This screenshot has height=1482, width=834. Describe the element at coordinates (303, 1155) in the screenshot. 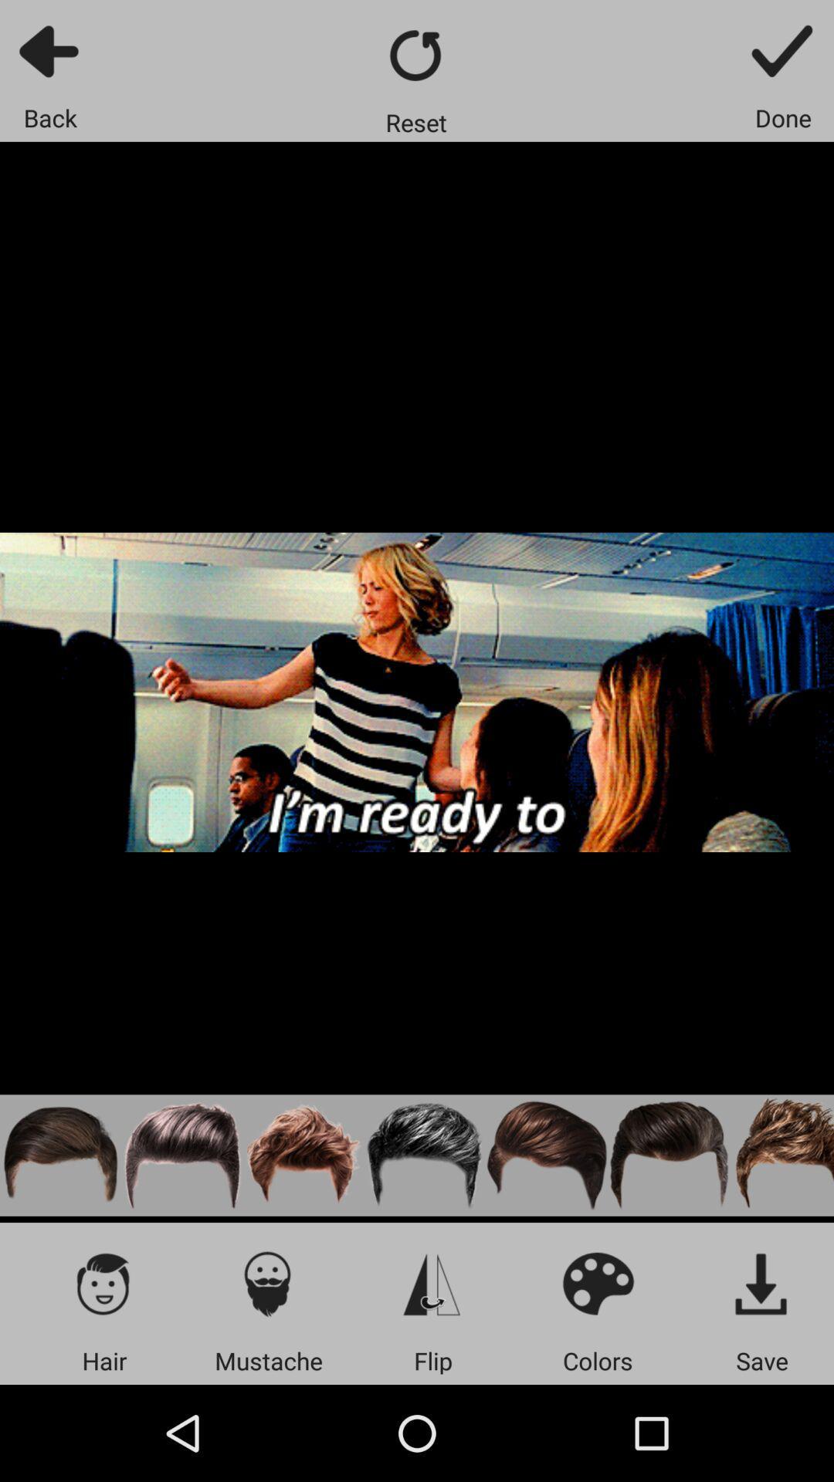

I see `hair style option` at that location.